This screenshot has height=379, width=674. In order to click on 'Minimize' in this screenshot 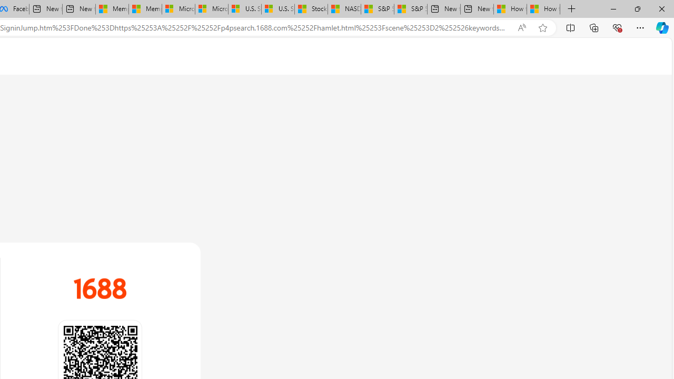, I will do `click(613, 8)`.